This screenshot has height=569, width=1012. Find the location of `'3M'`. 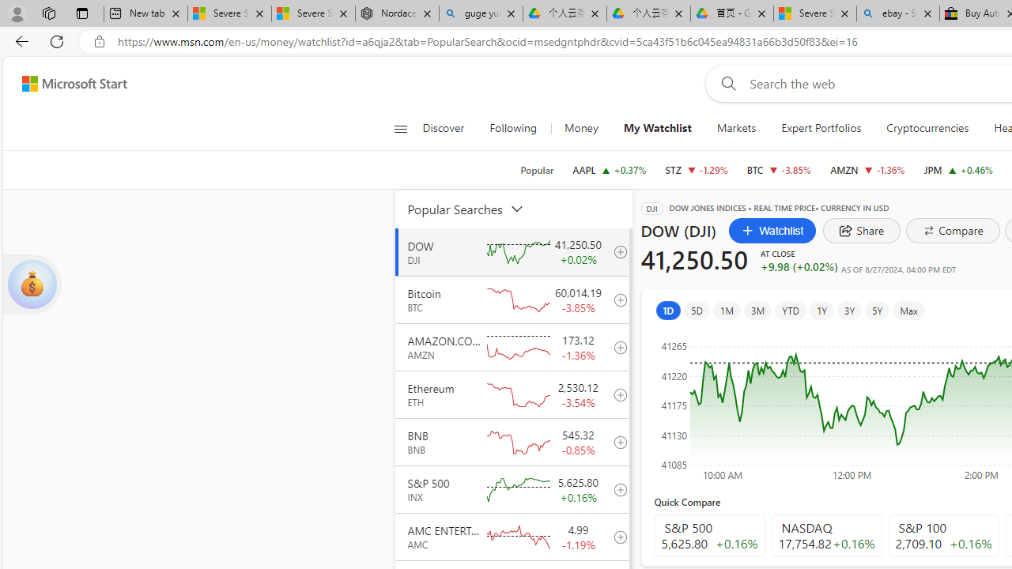

'3M' is located at coordinates (757, 310).